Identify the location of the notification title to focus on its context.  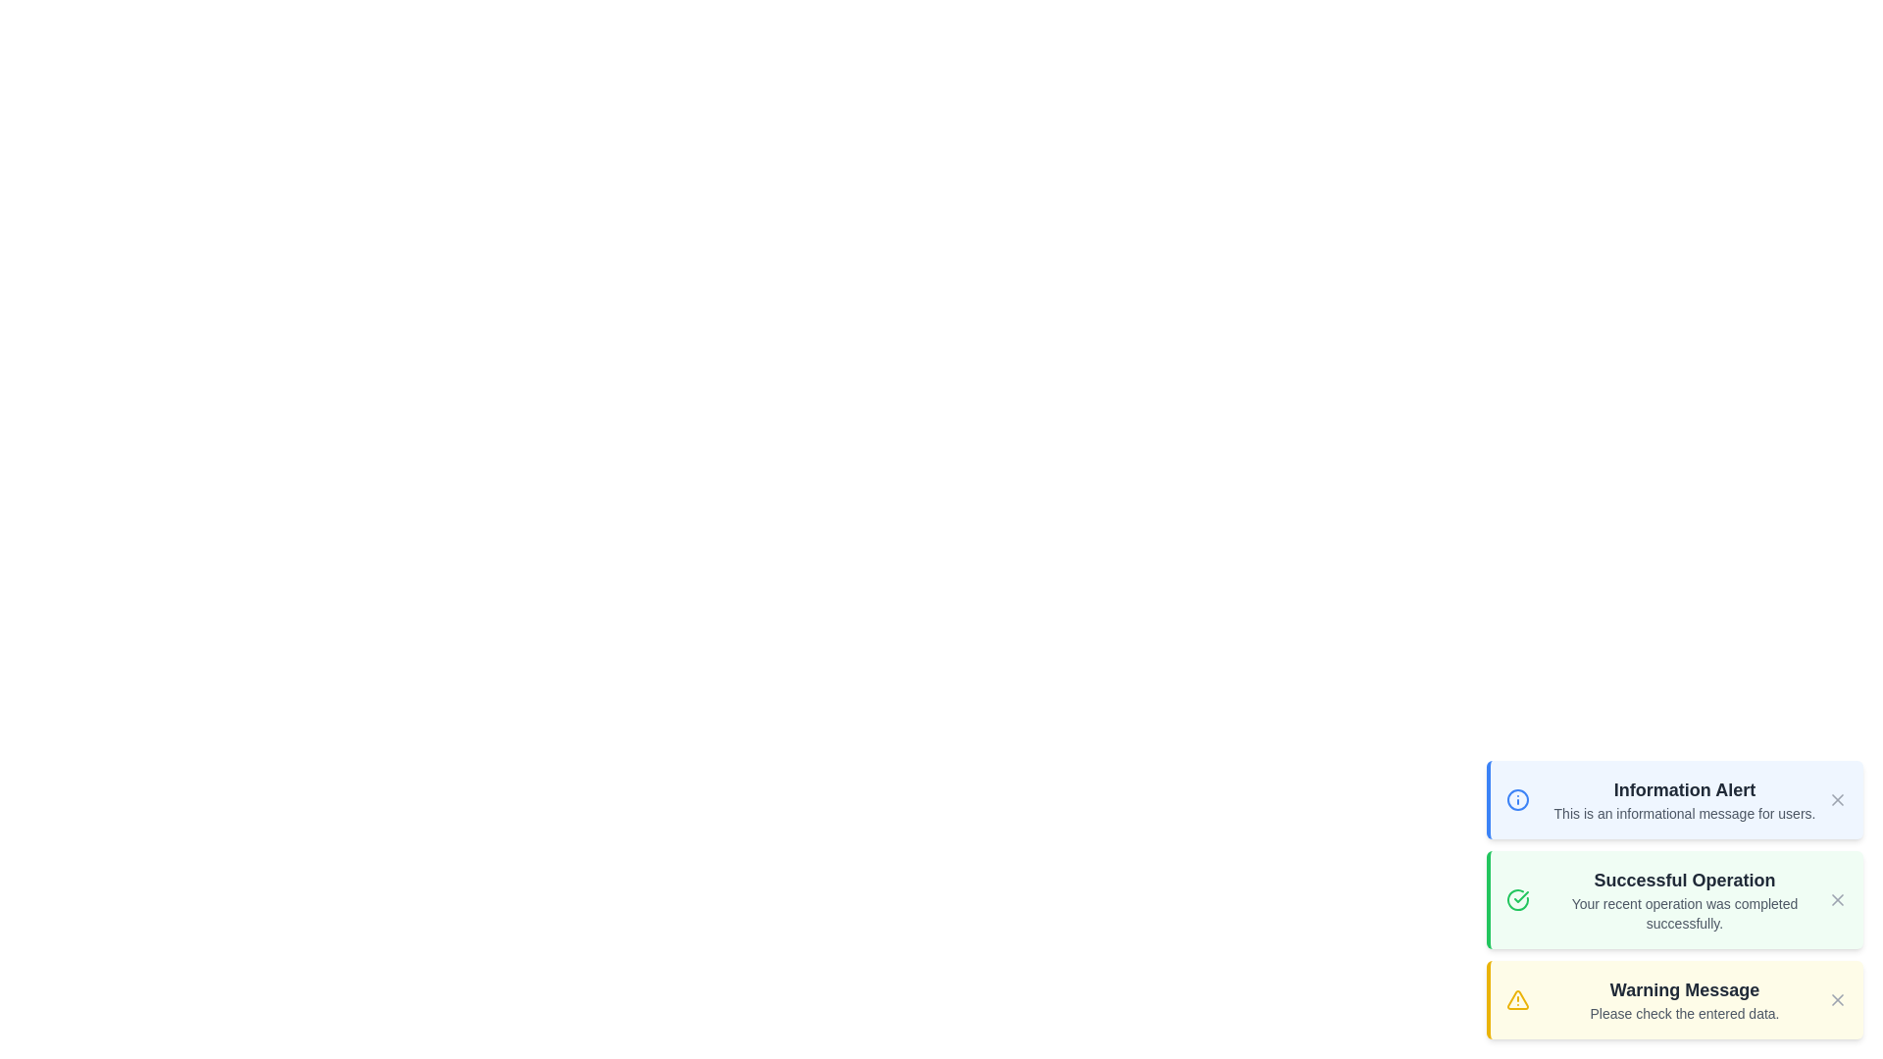
(1684, 789).